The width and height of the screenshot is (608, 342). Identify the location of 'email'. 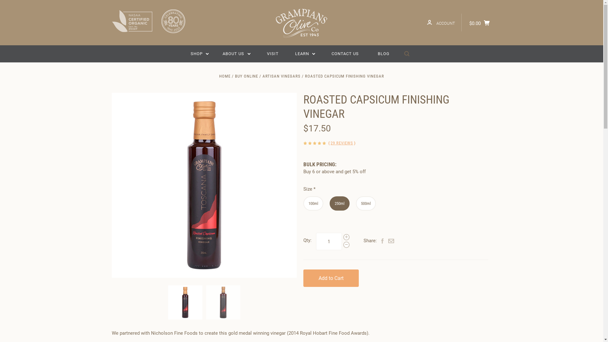
(388, 242).